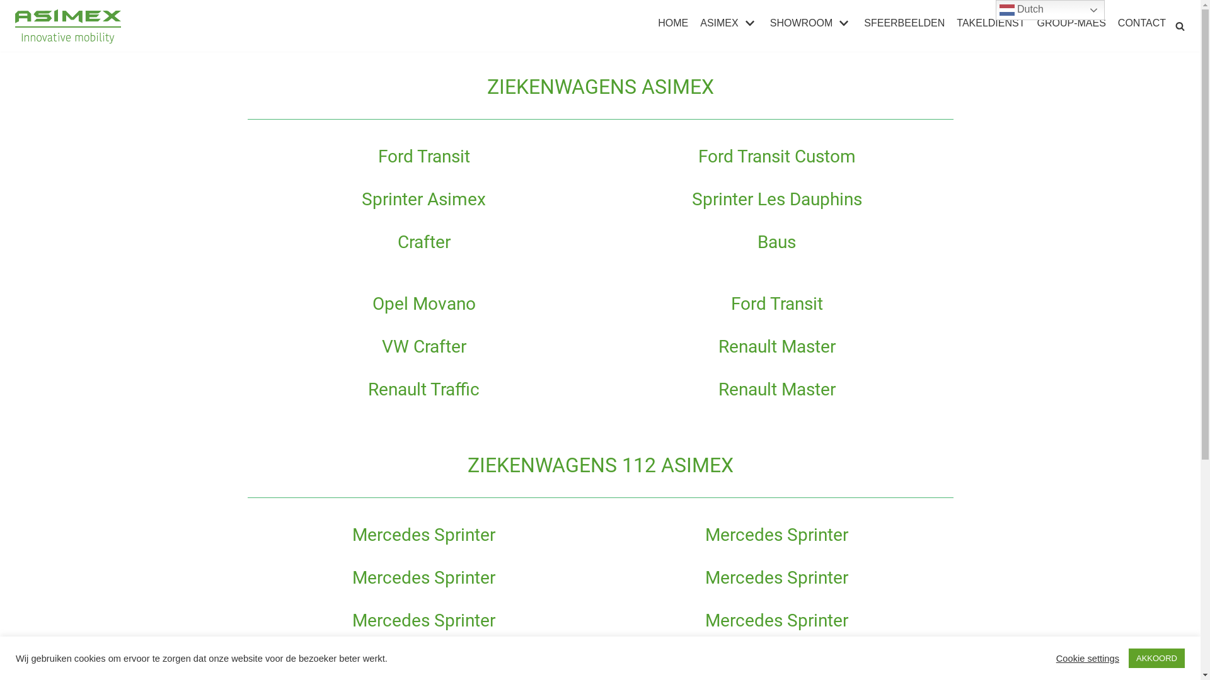  Describe the element at coordinates (69, 26) in the screenshot. I see `'ASIMEX - Innovative mobility'` at that location.